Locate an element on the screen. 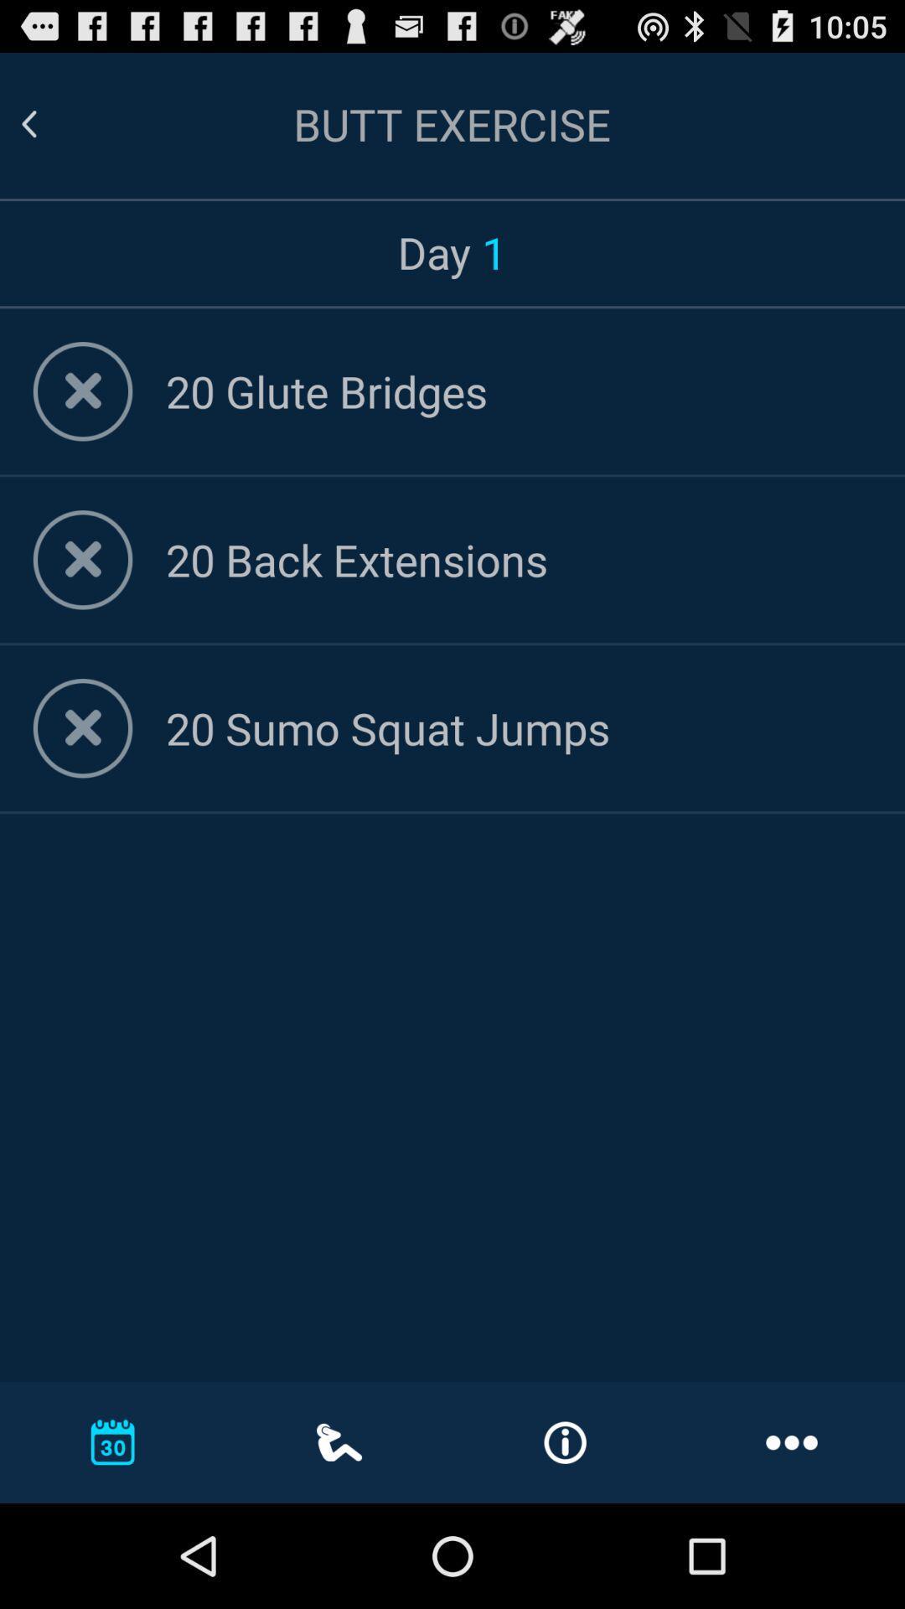  remove selected option is located at coordinates (83, 560).